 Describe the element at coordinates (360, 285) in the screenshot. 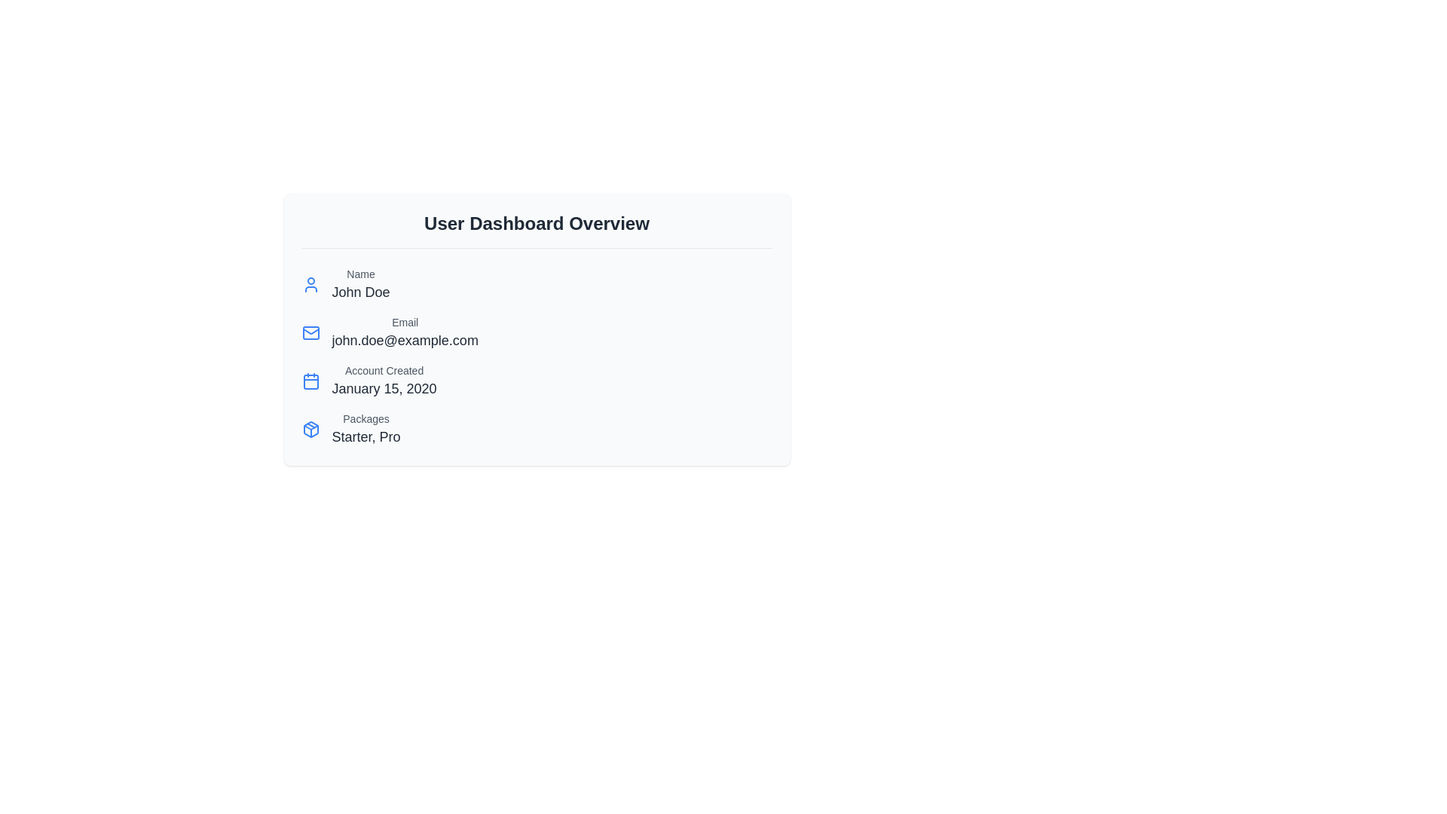

I see `the Text block displaying the user's name ('John Doe') with the label 'Name' located in the 'User Dashboard Overview' section` at that location.